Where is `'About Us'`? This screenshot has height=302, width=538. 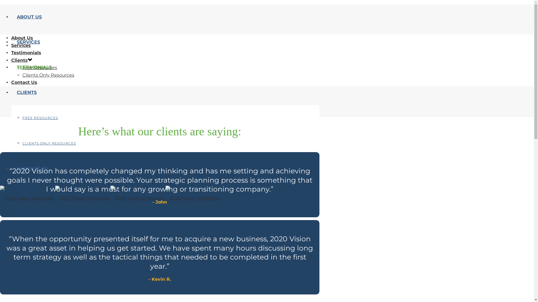 'About Us' is located at coordinates (22, 38).